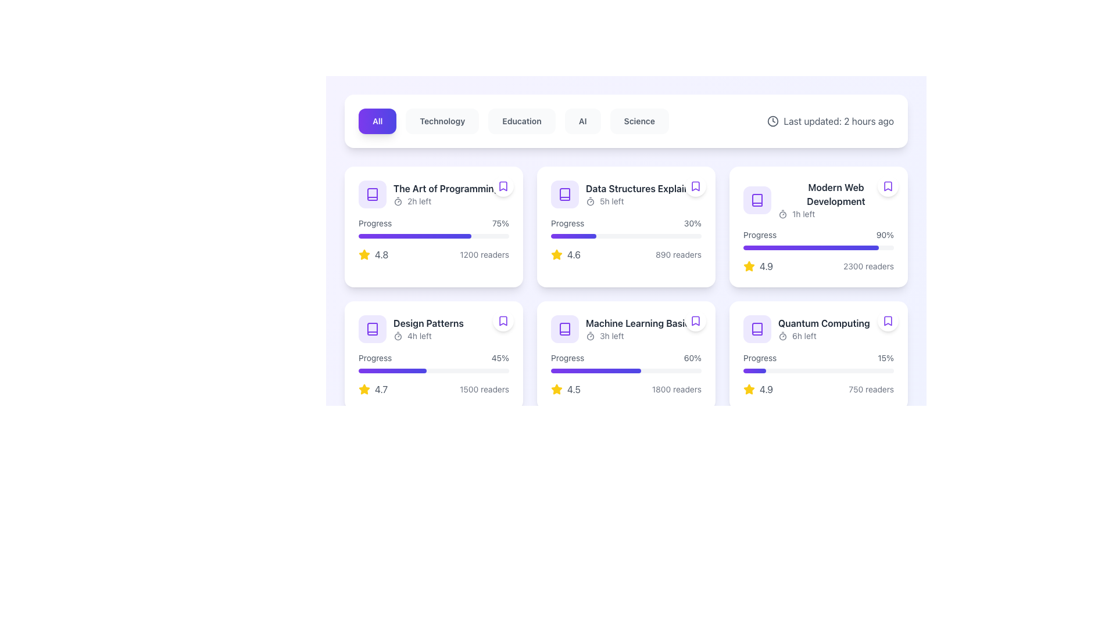 Image resolution: width=1116 pixels, height=627 pixels. What do you see at coordinates (377, 121) in the screenshot?
I see `the rectangular button with rounded corners and a gradient background labeled 'All'` at bounding box center [377, 121].